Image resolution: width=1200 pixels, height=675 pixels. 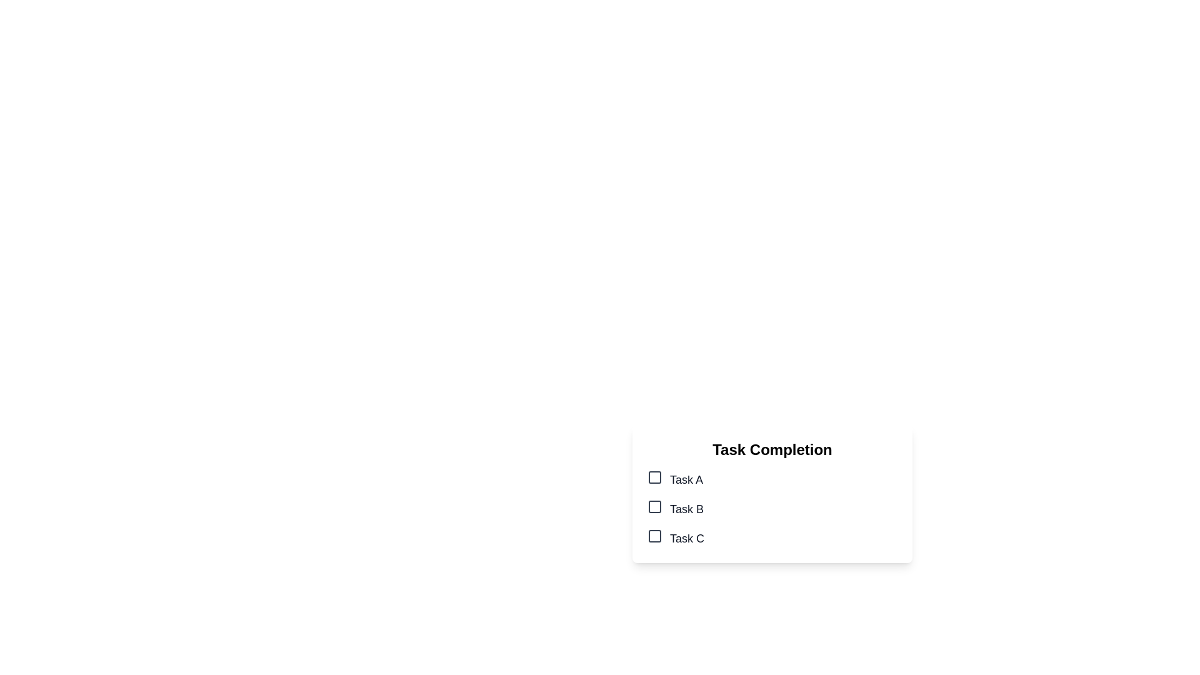 I want to click on the text label displaying 'Task B', which is the second item in a vertical list of labels, styled in large gray font and positioned right next to a checkbox, so click(x=686, y=509).